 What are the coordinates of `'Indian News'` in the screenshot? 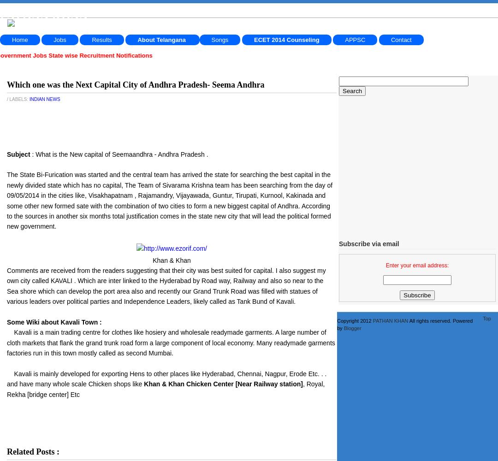 It's located at (44, 99).